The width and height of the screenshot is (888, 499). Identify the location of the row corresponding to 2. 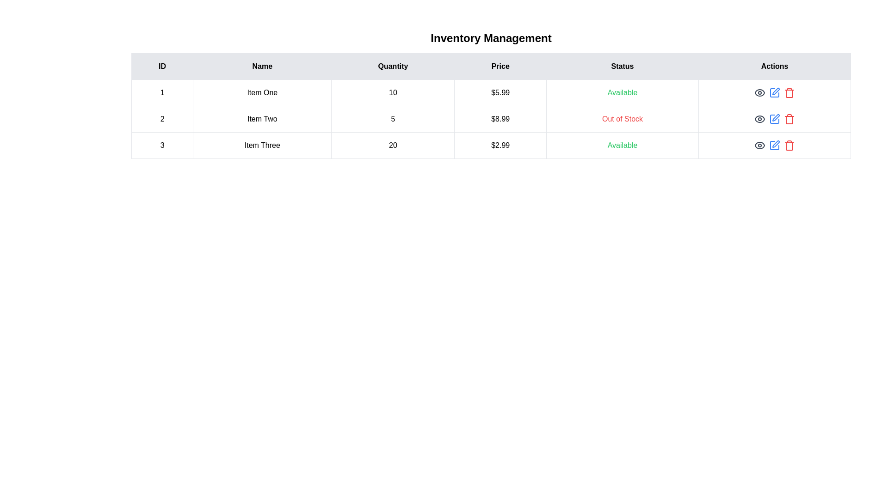
(490, 119).